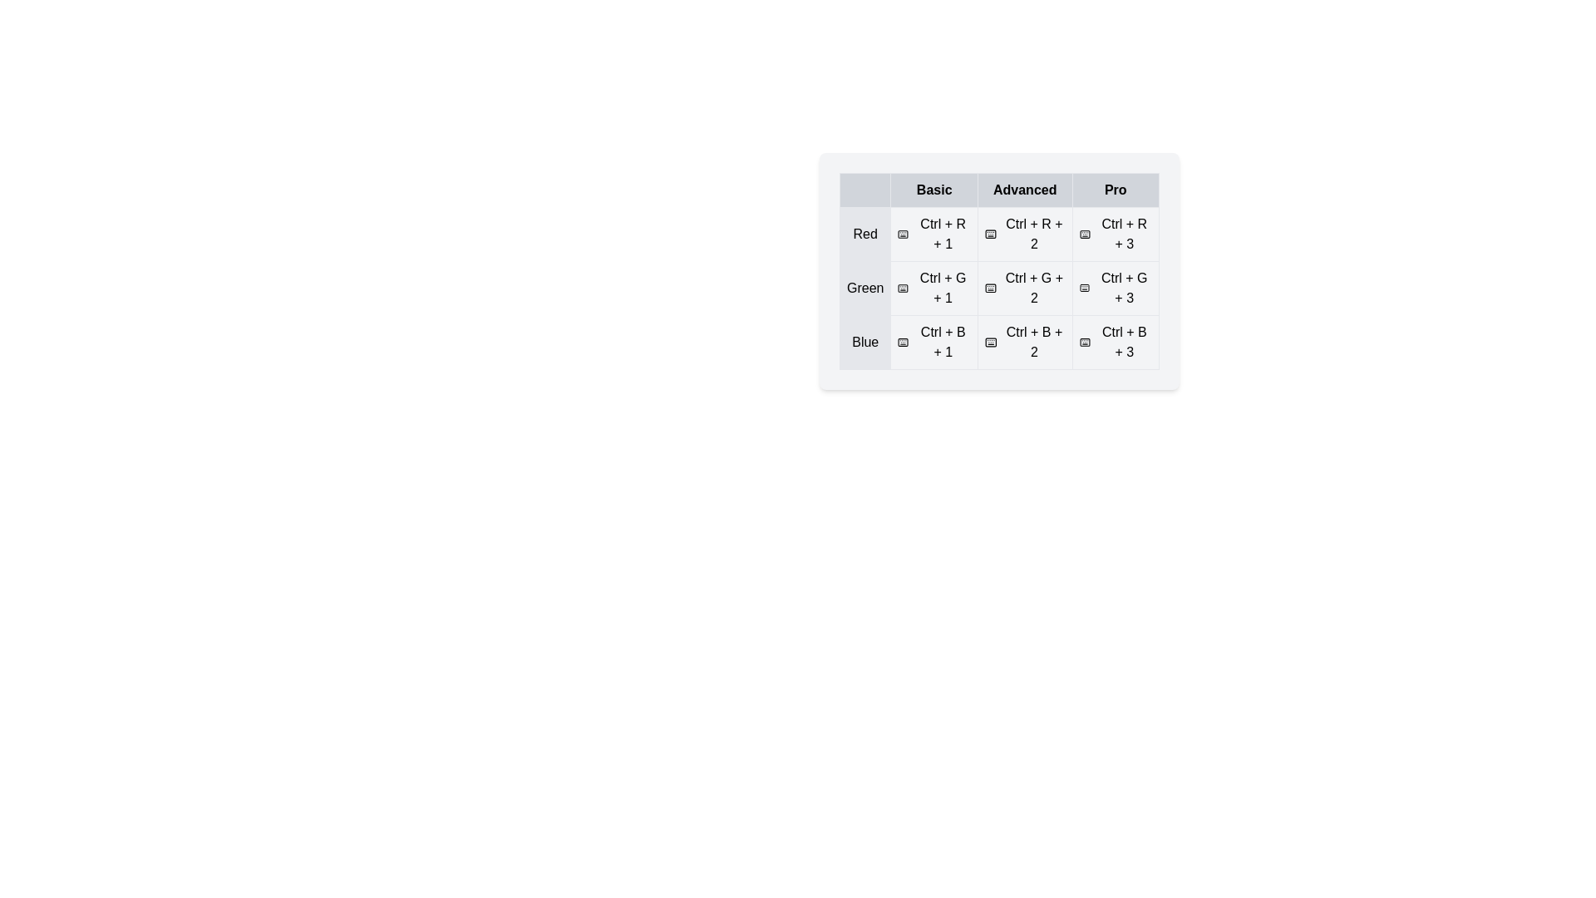 The width and height of the screenshot is (1596, 898). I want to click on text label displaying 'Ctrl + B + 3' which is accompanied by a keyboard icon, located in the bottom-right cell of the grid under the 'Blue' row and 'Pro' column, so click(1116, 342).